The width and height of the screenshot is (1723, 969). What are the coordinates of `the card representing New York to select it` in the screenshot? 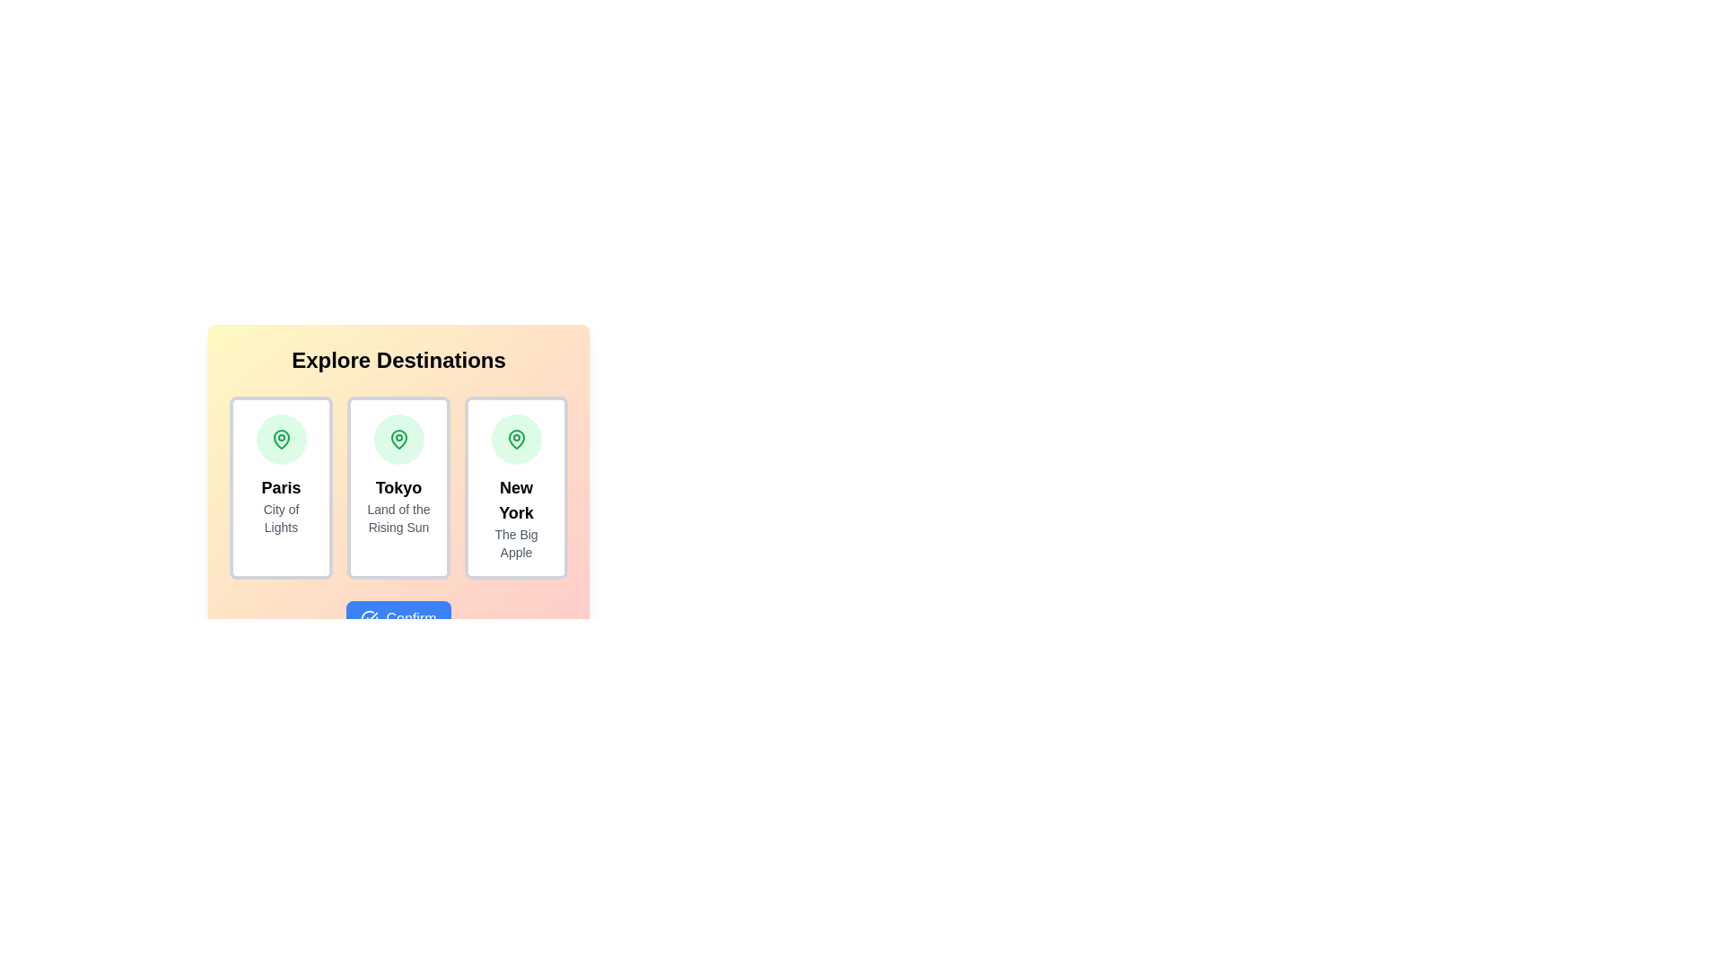 It's located at (515, 487).